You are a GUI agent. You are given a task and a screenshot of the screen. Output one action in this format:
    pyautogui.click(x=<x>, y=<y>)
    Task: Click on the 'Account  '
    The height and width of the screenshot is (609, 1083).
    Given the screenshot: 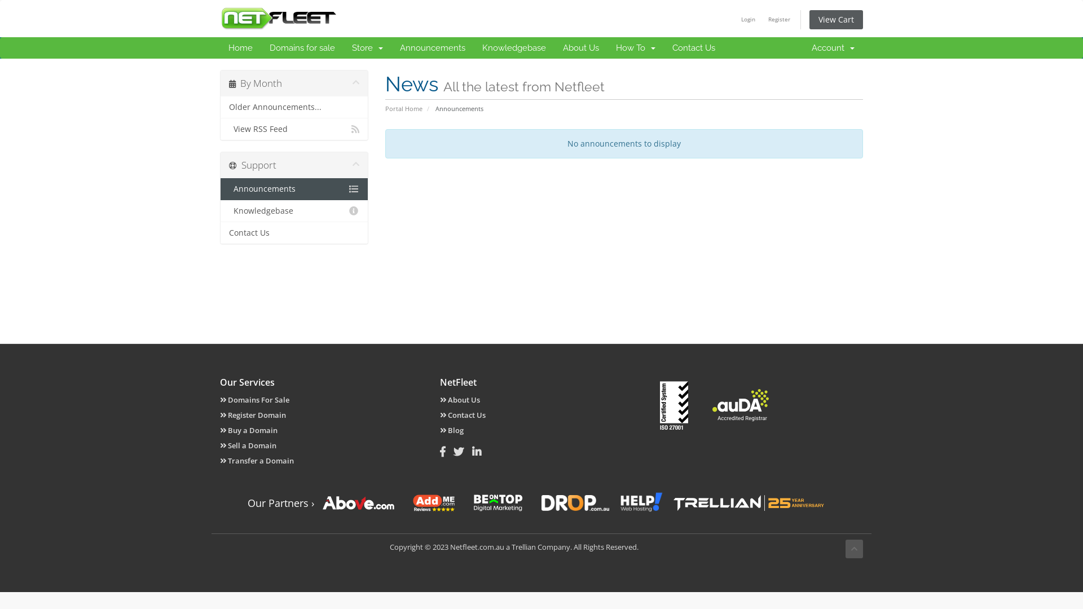 What is the action you would take?
    pyautogui.click(x=833, y=47)
    